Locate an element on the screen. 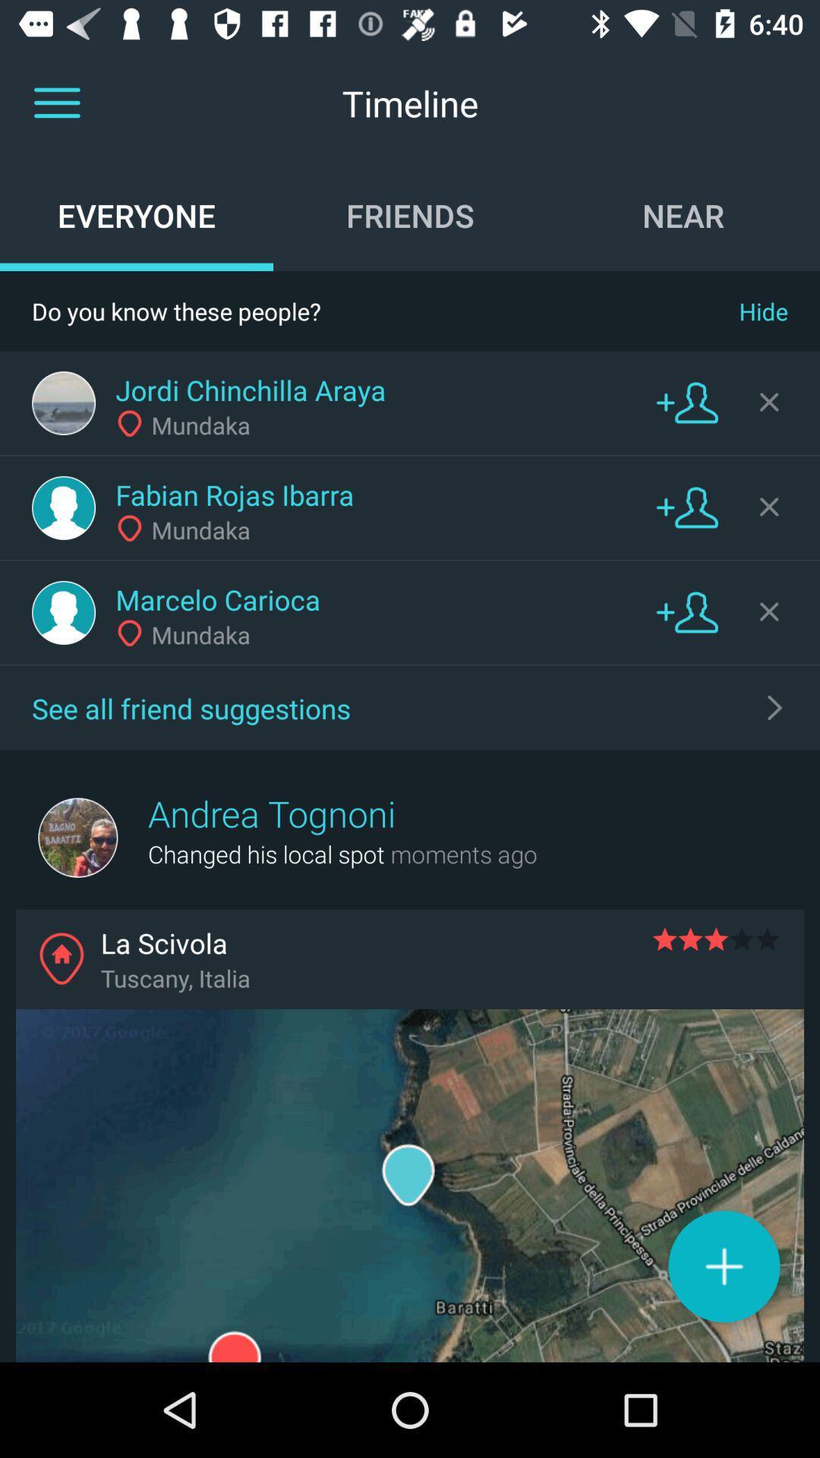 The height and width of the screenshot is (1458, 820). friends item is located at coordinates (410, 214).